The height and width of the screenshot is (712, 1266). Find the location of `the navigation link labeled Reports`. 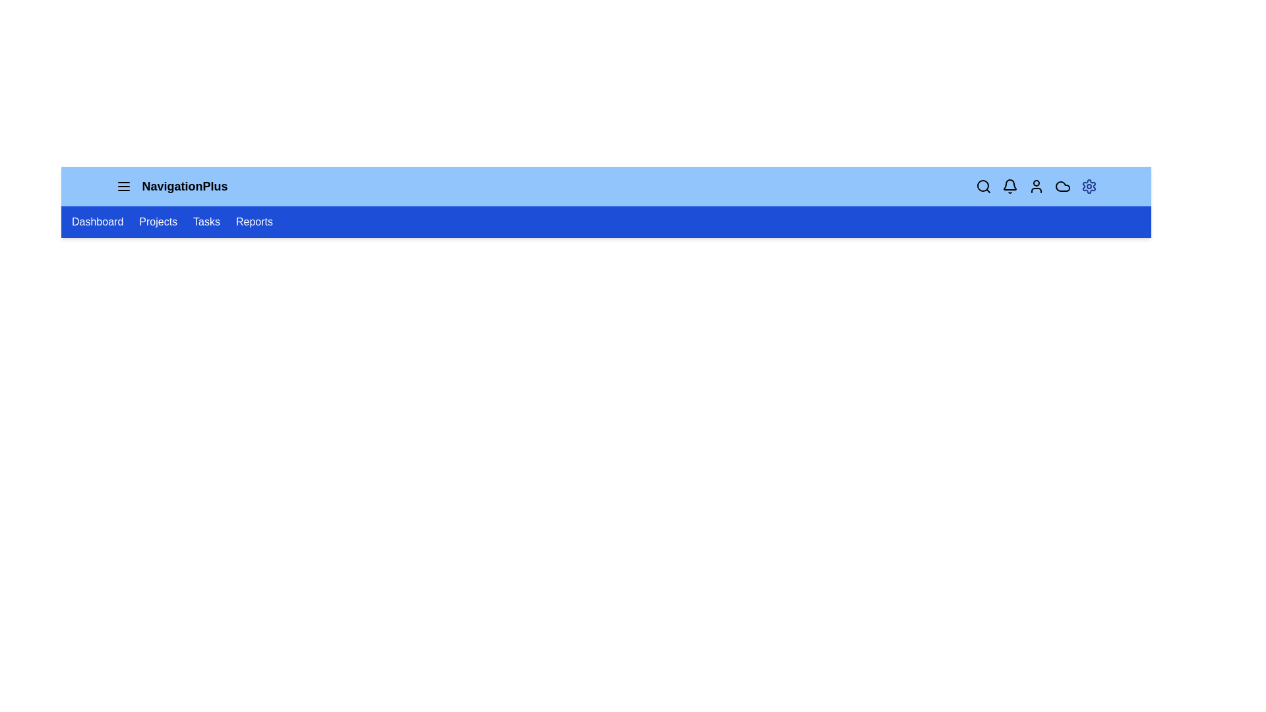

the navigation link labeled Reports is located at coordinates (254, 221).